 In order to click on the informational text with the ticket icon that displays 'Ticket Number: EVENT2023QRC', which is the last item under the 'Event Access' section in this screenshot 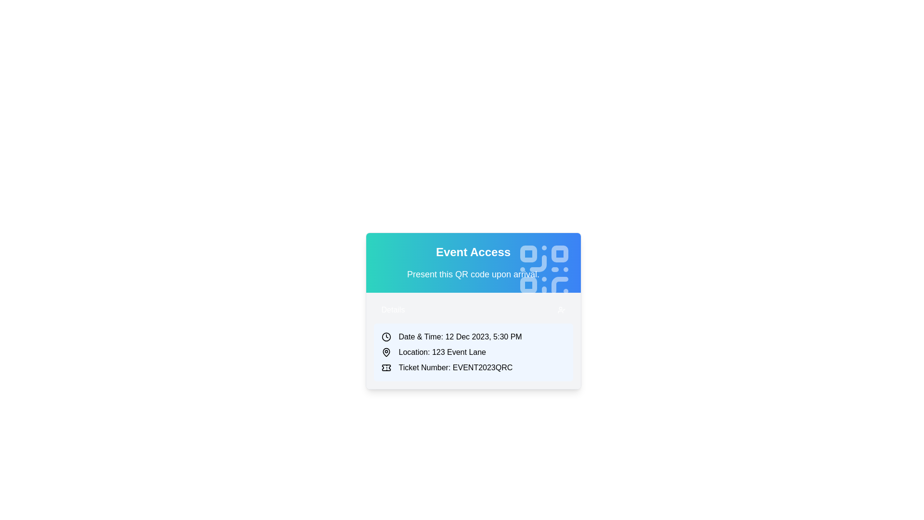, I will do `click(473, 367)`.